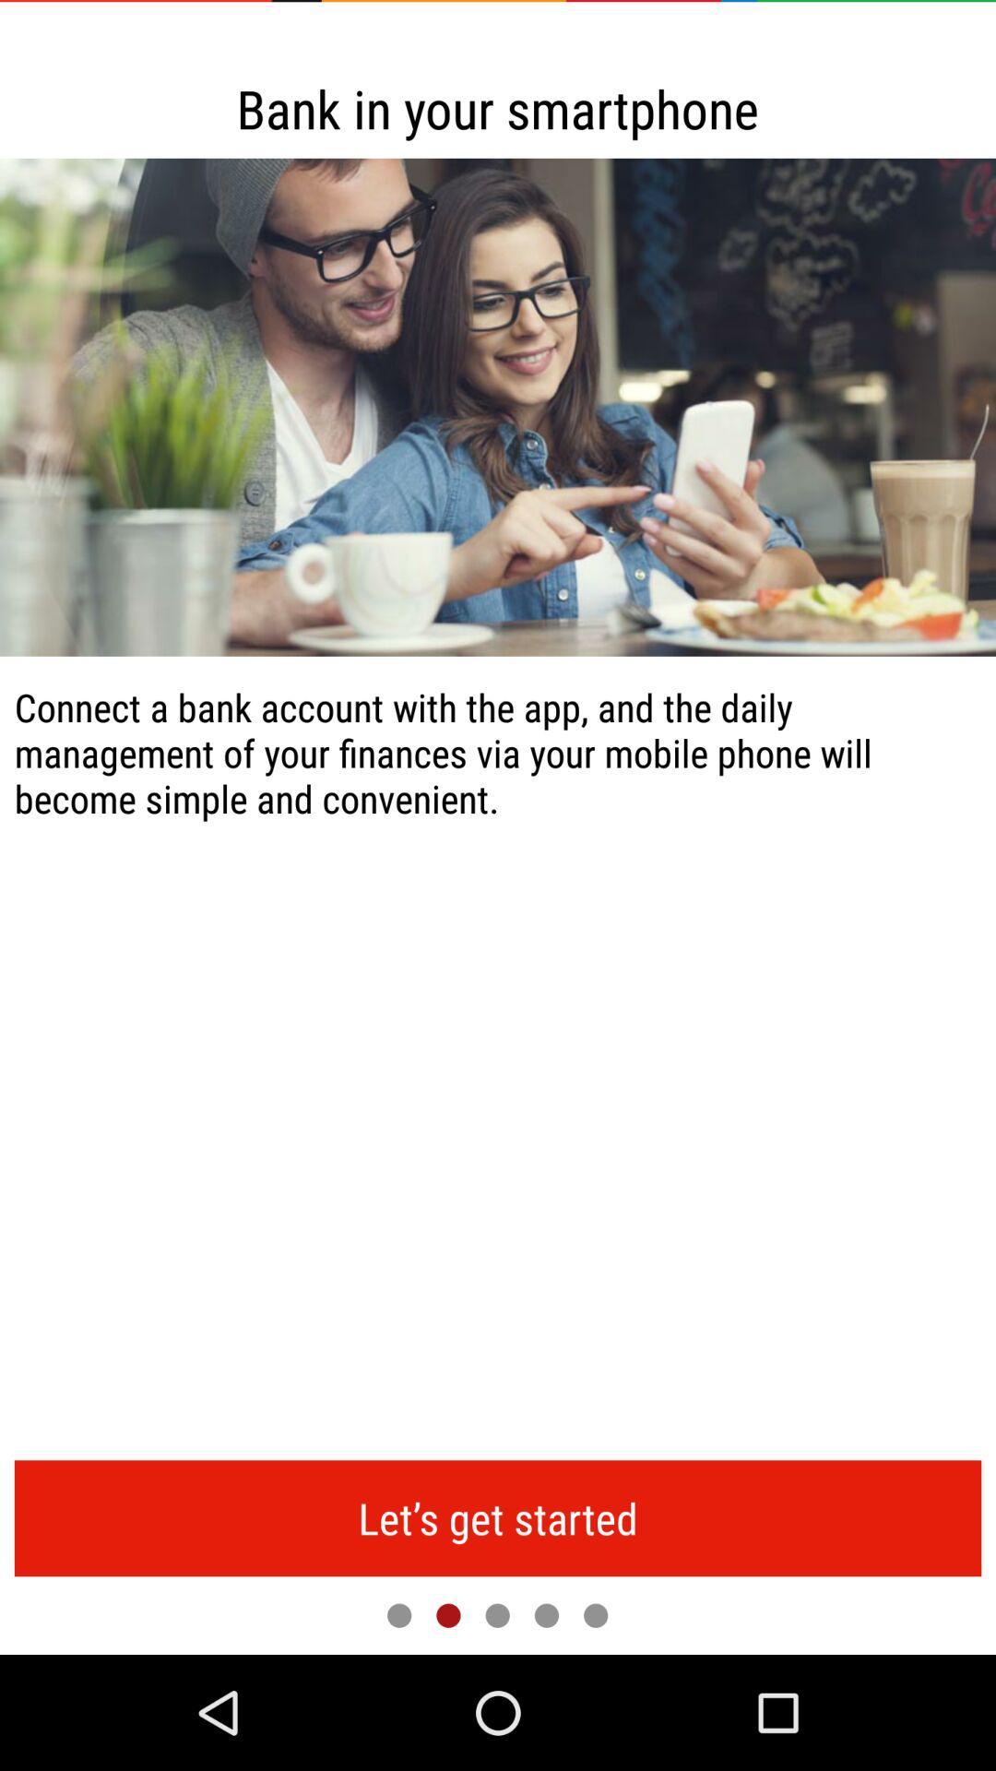 This screenshot has width=996, height=1771. Describe the element at coordinates (498, 1518) in the screenshot. I see `let s get` at that location.